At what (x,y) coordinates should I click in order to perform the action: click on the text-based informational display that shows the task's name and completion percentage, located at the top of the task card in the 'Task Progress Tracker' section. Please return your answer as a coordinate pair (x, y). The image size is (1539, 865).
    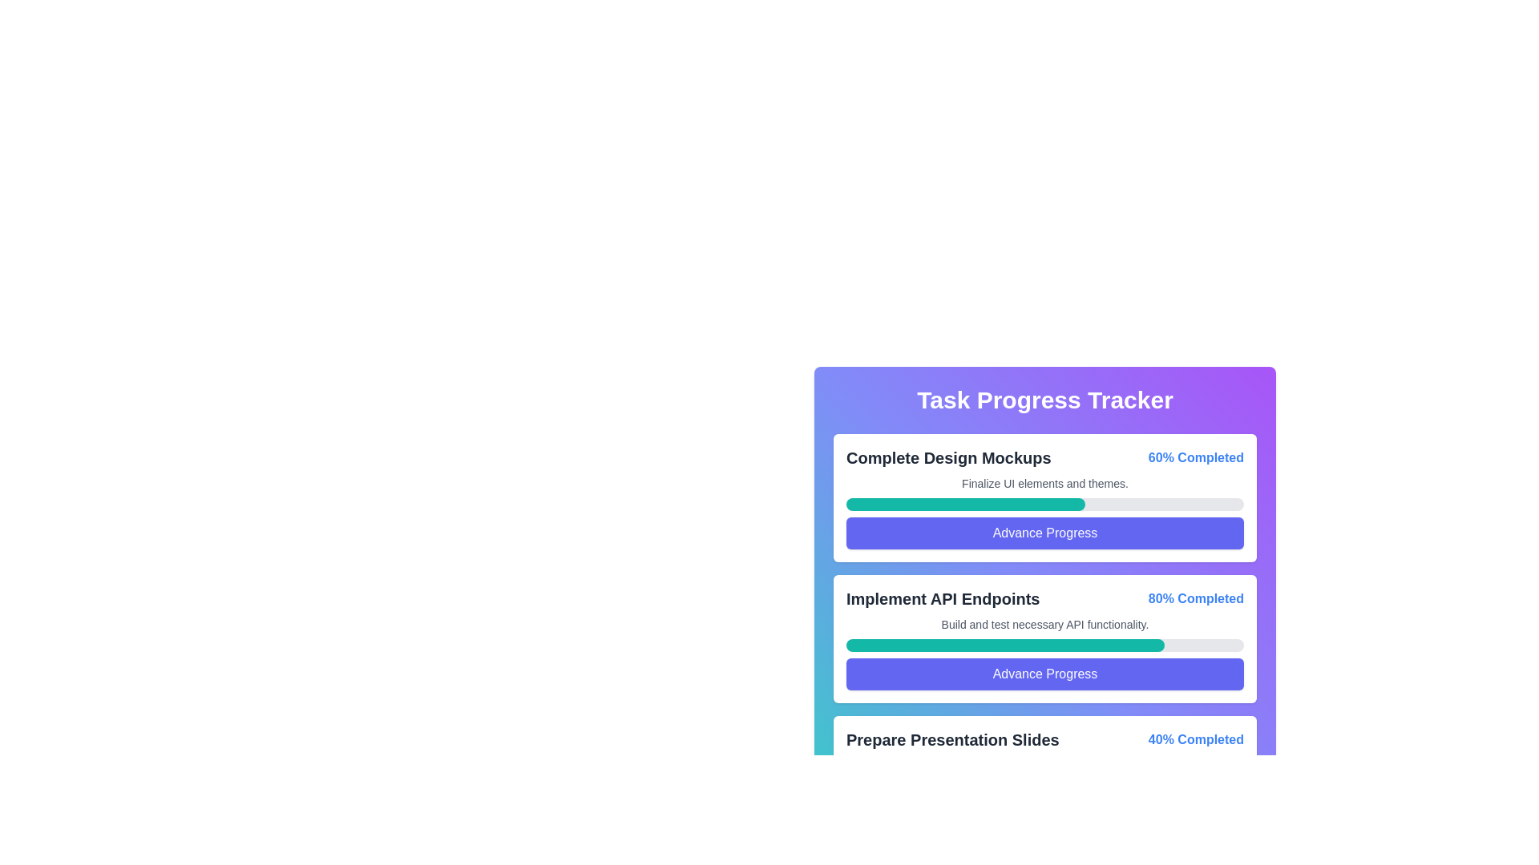
    Looking at the image, I should click on (1045, 740).